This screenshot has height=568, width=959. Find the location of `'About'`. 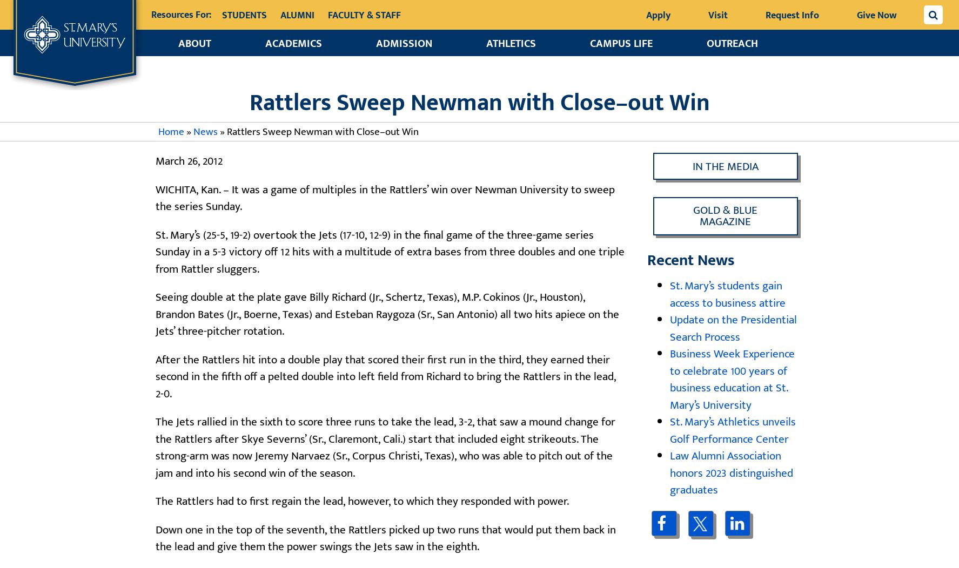

'About' is located at coordinates (194, 43).